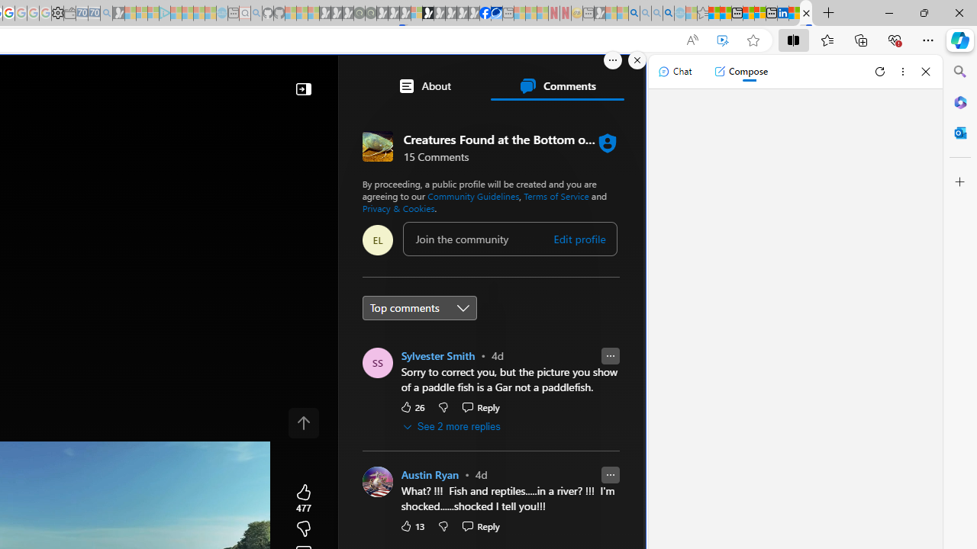 The width and height of the screenshot is (977, 549). What do you see at coordinates (411, 406) in the screenshot?
I see `'26 Like'` at bounding box center [411, 406].